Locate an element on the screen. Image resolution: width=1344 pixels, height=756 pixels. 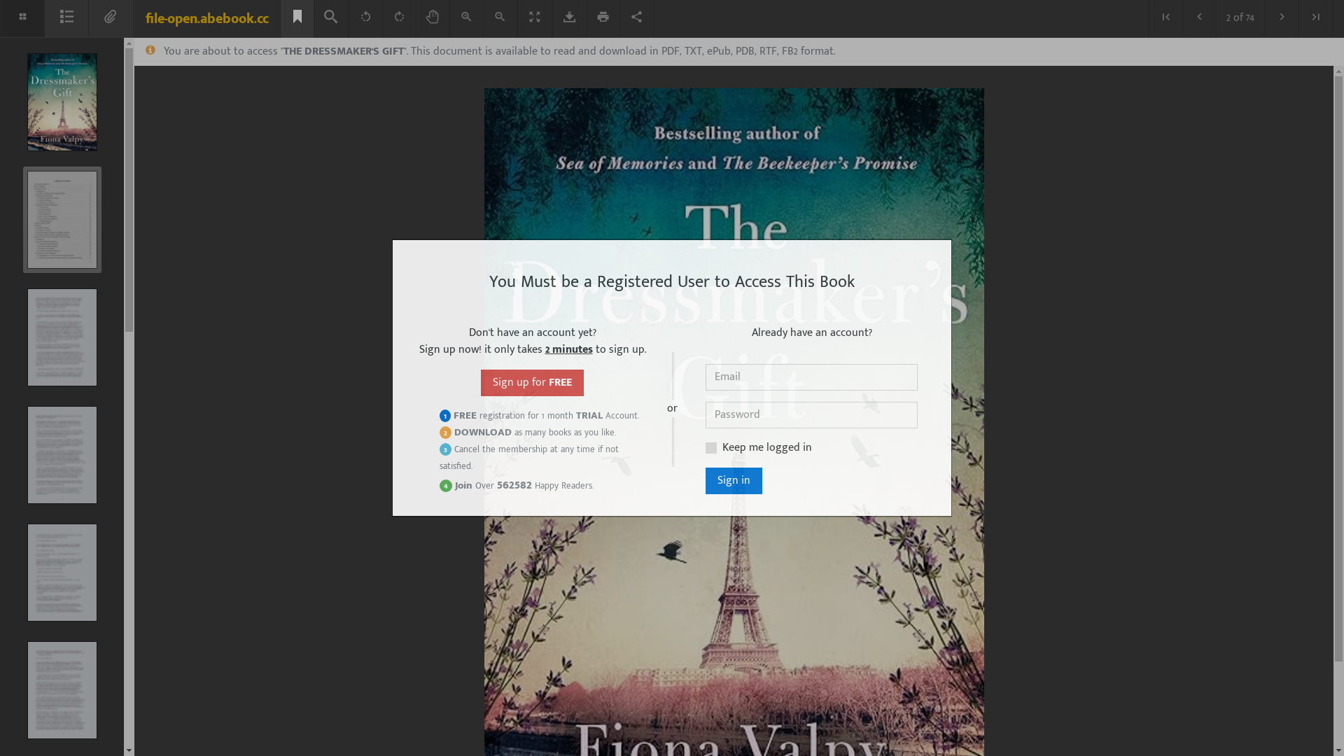
'2 of 74' is located at coordinates (1240, 18).